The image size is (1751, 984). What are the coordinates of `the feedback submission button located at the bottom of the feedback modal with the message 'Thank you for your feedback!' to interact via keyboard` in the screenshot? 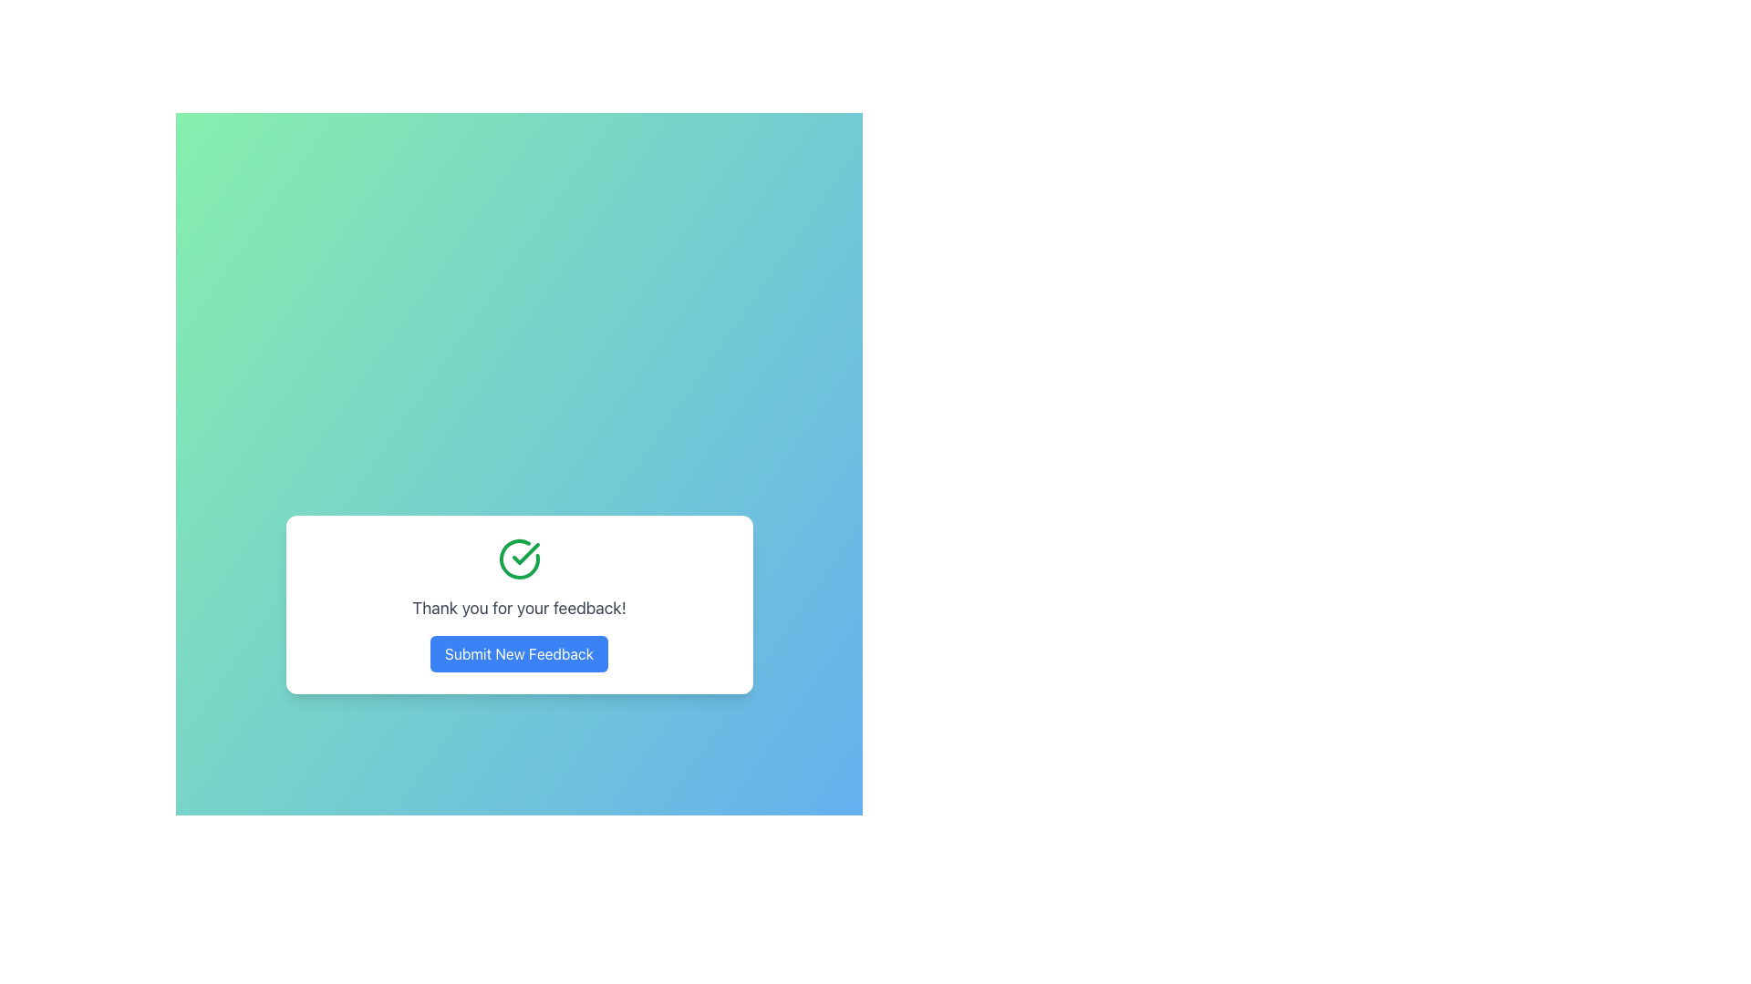 It's located at (518, 652).